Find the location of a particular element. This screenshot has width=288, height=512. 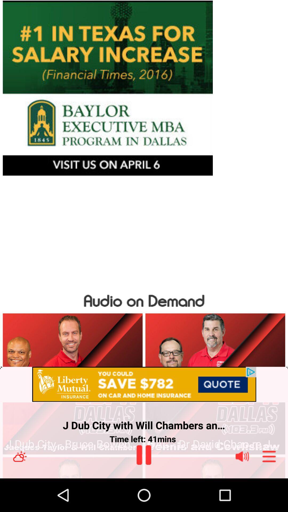

volume control is located at coordinates (242, 456).